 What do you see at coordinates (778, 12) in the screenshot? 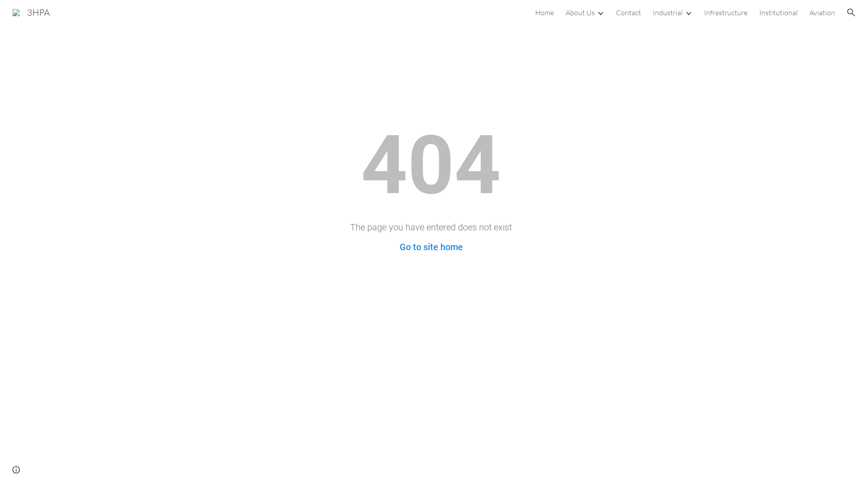
I see `'Institutional'` at bounding box center [778, 12].